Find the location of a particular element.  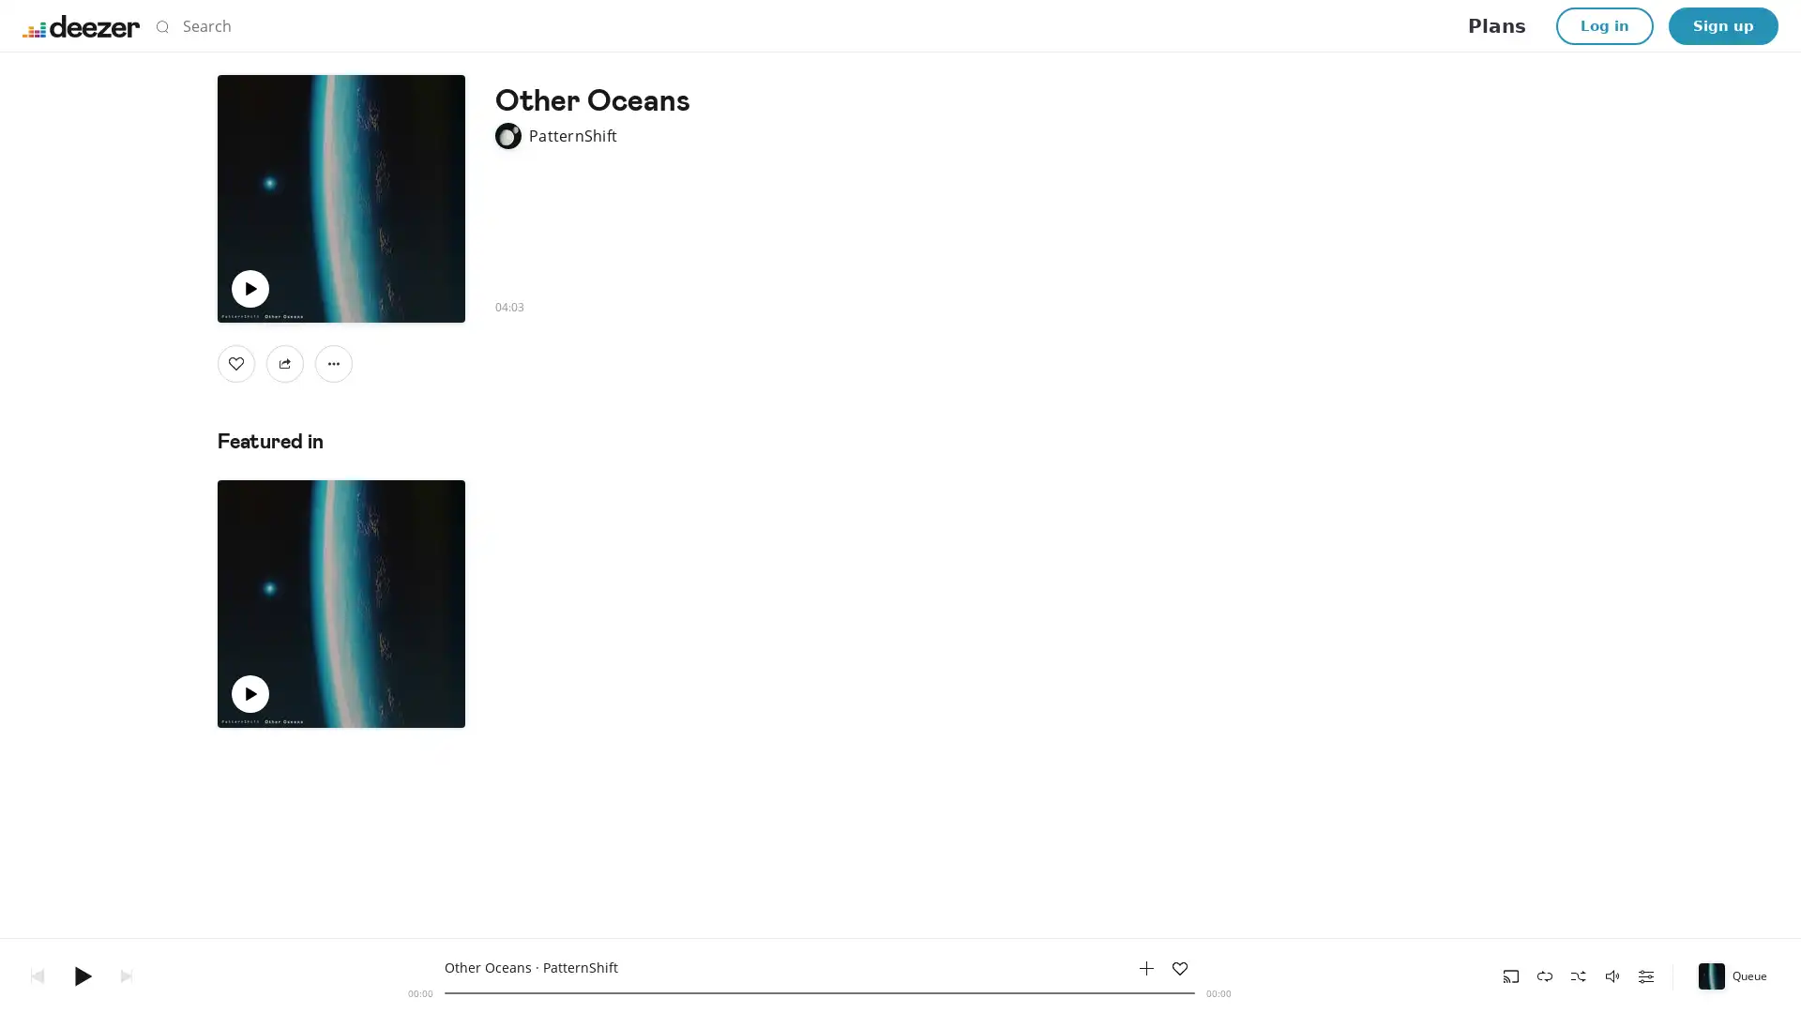

Queue is located at coordinates (1733, 975).